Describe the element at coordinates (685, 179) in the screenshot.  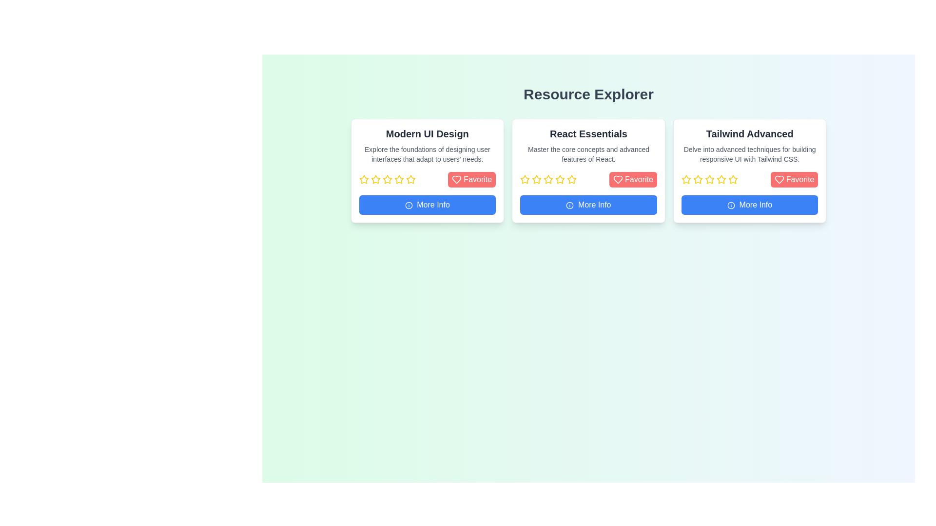
I see `the first yellow rating star in the rating system of the 'Tailwind Advanced' card to rate` at that location.